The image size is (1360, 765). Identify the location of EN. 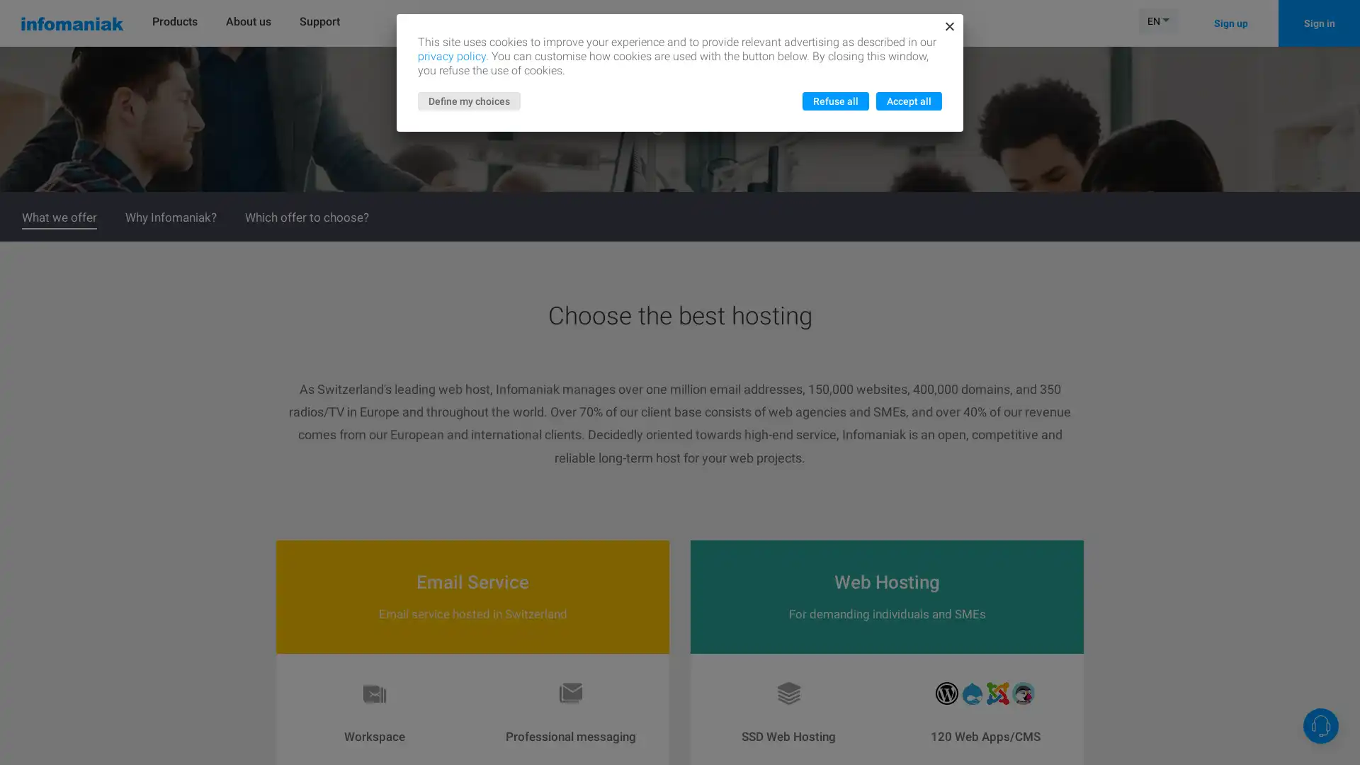
(1158, 21).